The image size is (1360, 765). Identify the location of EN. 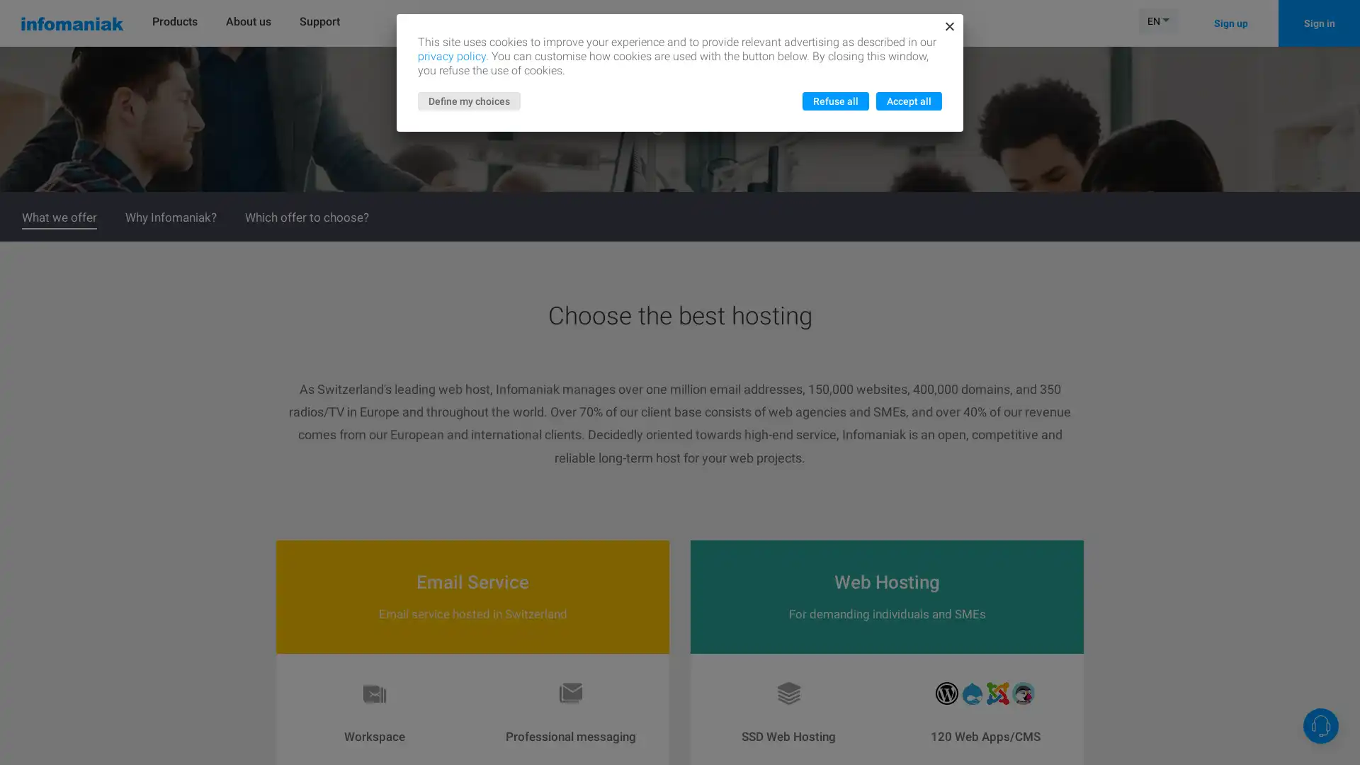
(1158, 21).